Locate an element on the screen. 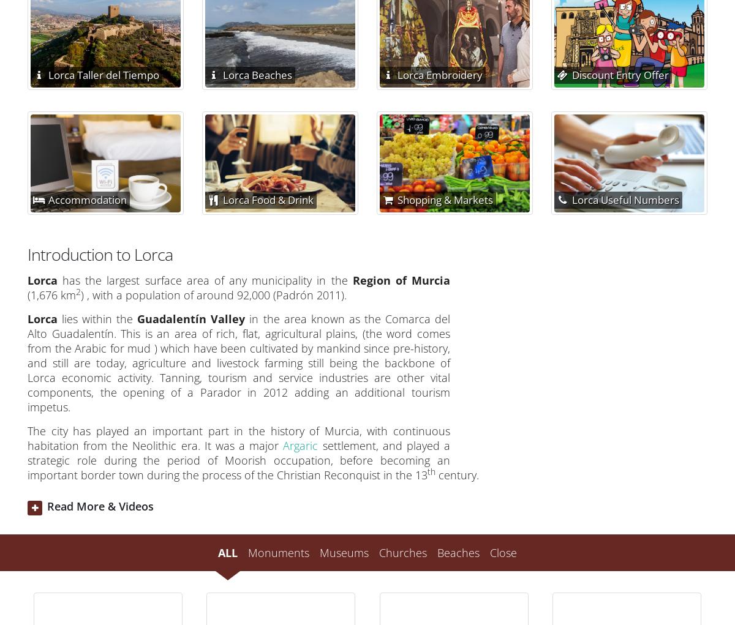 The height and width of the screenshot is (625, 735). '(1,676 km' is located at coordinates (51, 294).